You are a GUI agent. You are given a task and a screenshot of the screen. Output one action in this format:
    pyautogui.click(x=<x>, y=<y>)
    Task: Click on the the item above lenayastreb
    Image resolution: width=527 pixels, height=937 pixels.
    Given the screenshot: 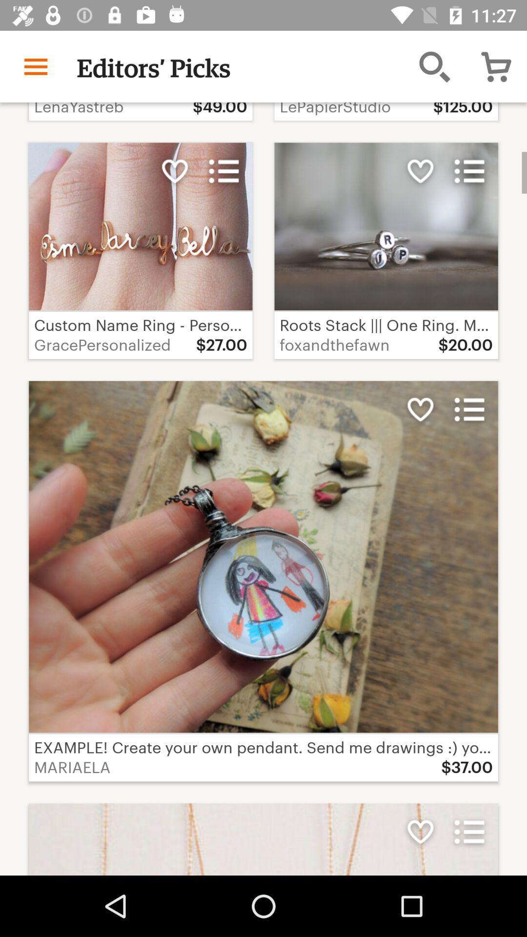 What is the action you would take?
    pyautogui.click(x=35, y=66)
    